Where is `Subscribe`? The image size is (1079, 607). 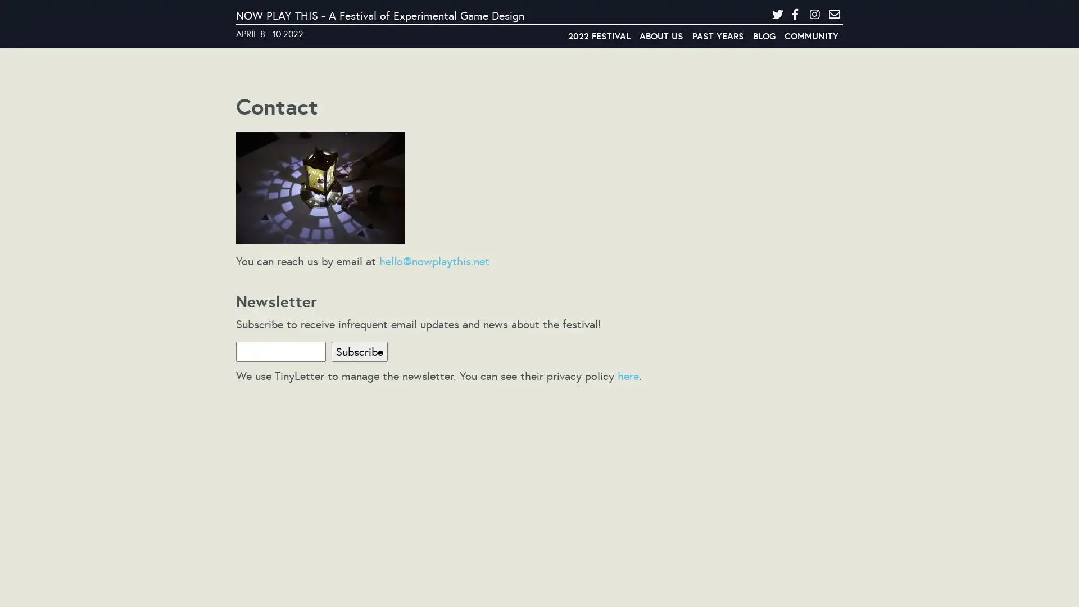
Subscribe is located at coordinates (359, 350).